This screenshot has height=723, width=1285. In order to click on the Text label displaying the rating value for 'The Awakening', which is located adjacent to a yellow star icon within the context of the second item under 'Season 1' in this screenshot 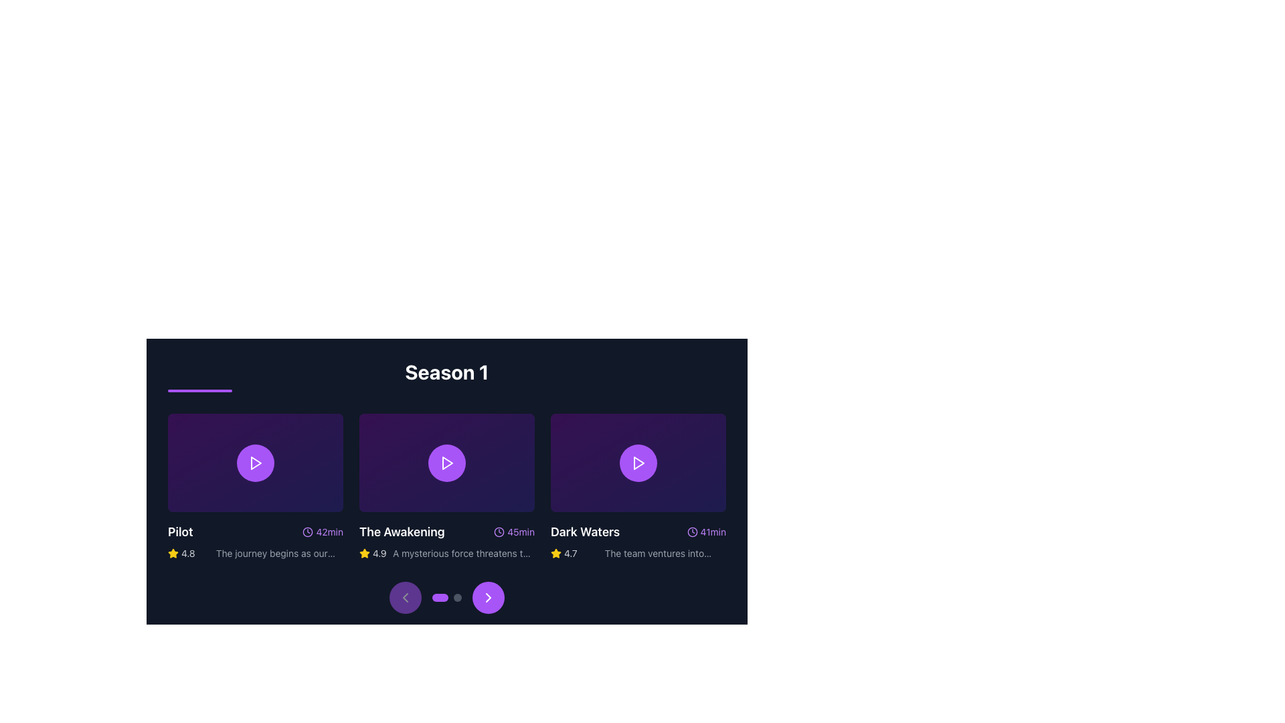, I will do `click(379, 554)`.